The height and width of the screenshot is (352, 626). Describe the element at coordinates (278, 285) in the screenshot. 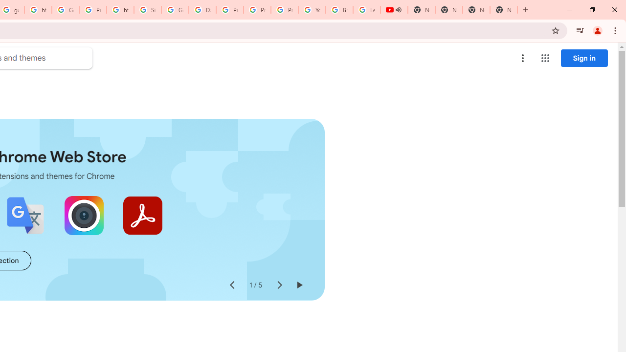

I see `'Next slide'` at that location.